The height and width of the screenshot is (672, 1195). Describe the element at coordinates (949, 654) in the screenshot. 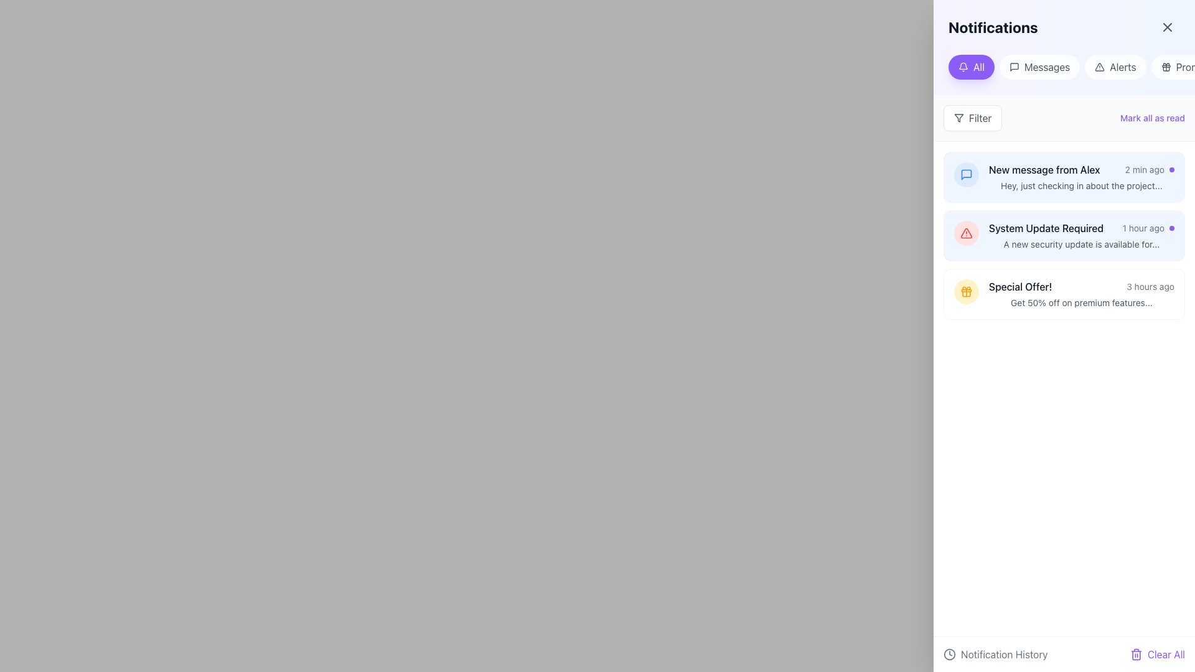

I see `the 'Notification History' icon located to the left of the text 'Notification History' in the bottom section of the interface` at that location.